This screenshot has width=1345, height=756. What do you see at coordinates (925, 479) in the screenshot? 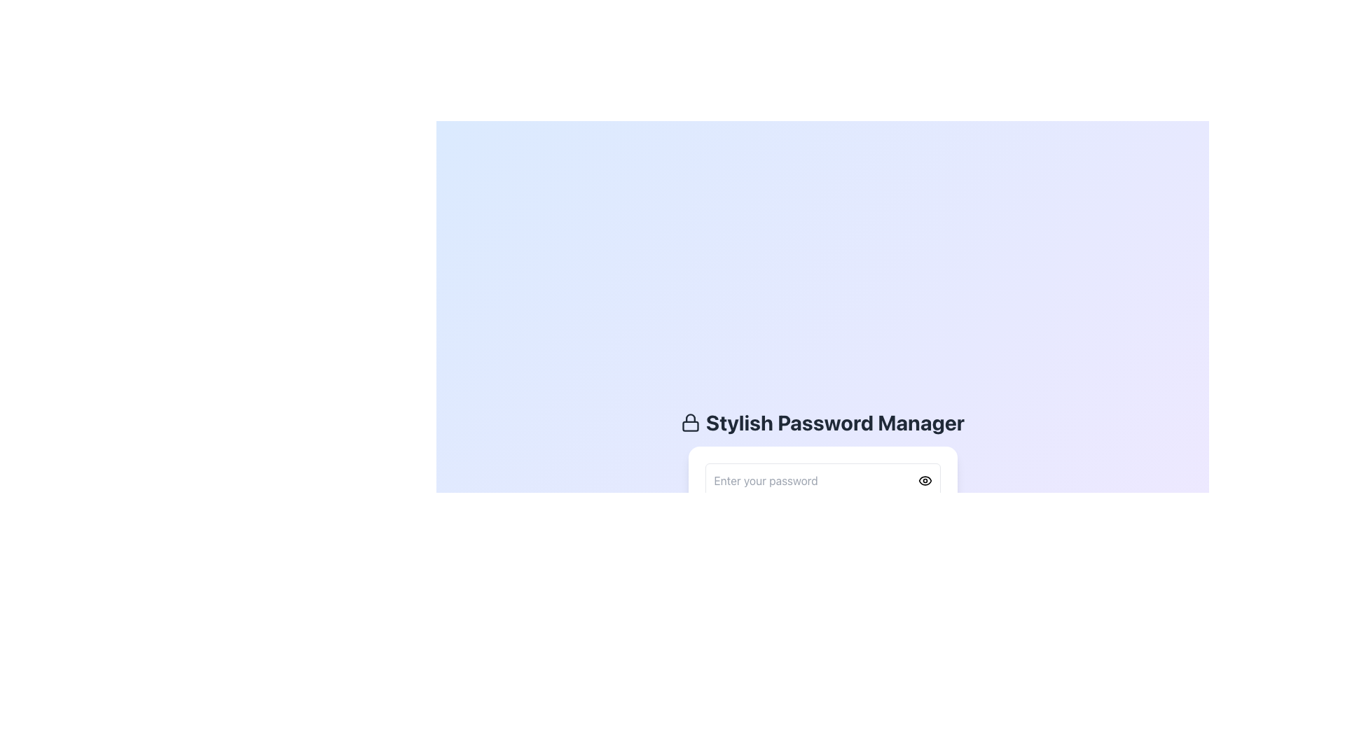
I see `the eye-shaped Password visibility toggle button located to the far right of the password input field` at bounding box center [925, 479].